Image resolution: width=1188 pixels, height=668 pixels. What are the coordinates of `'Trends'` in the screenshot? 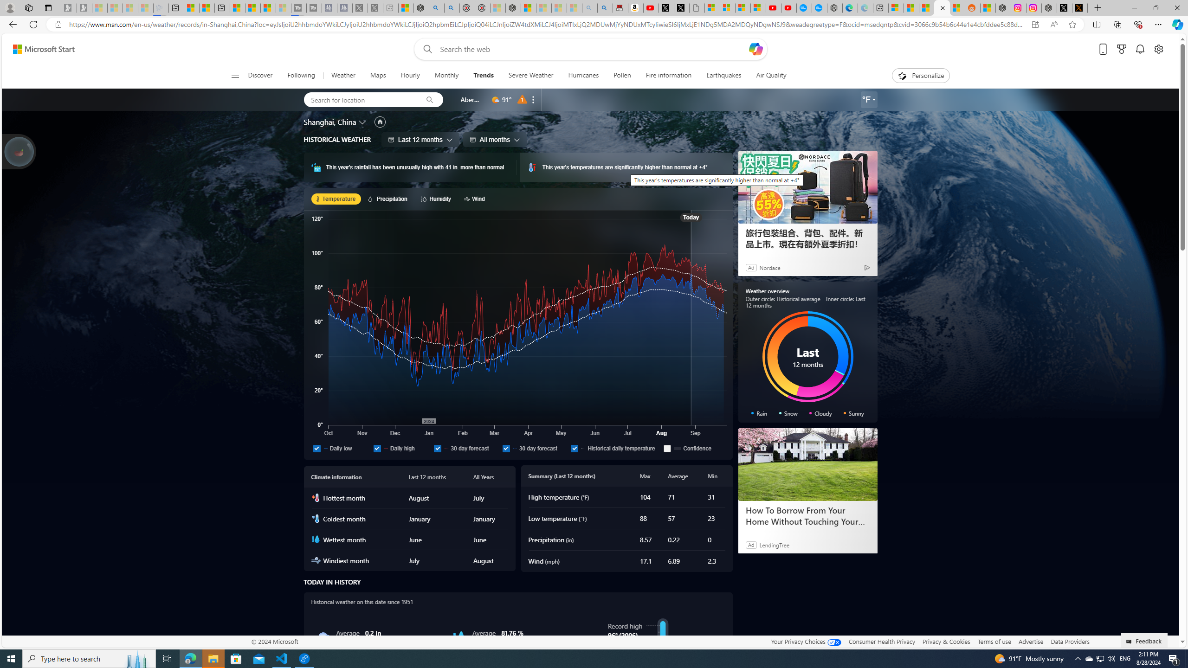 It's located at (483, 75).